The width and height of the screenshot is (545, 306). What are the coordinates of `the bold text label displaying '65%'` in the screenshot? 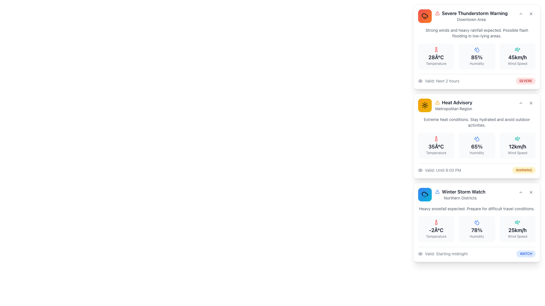 It's located at (477, 146).